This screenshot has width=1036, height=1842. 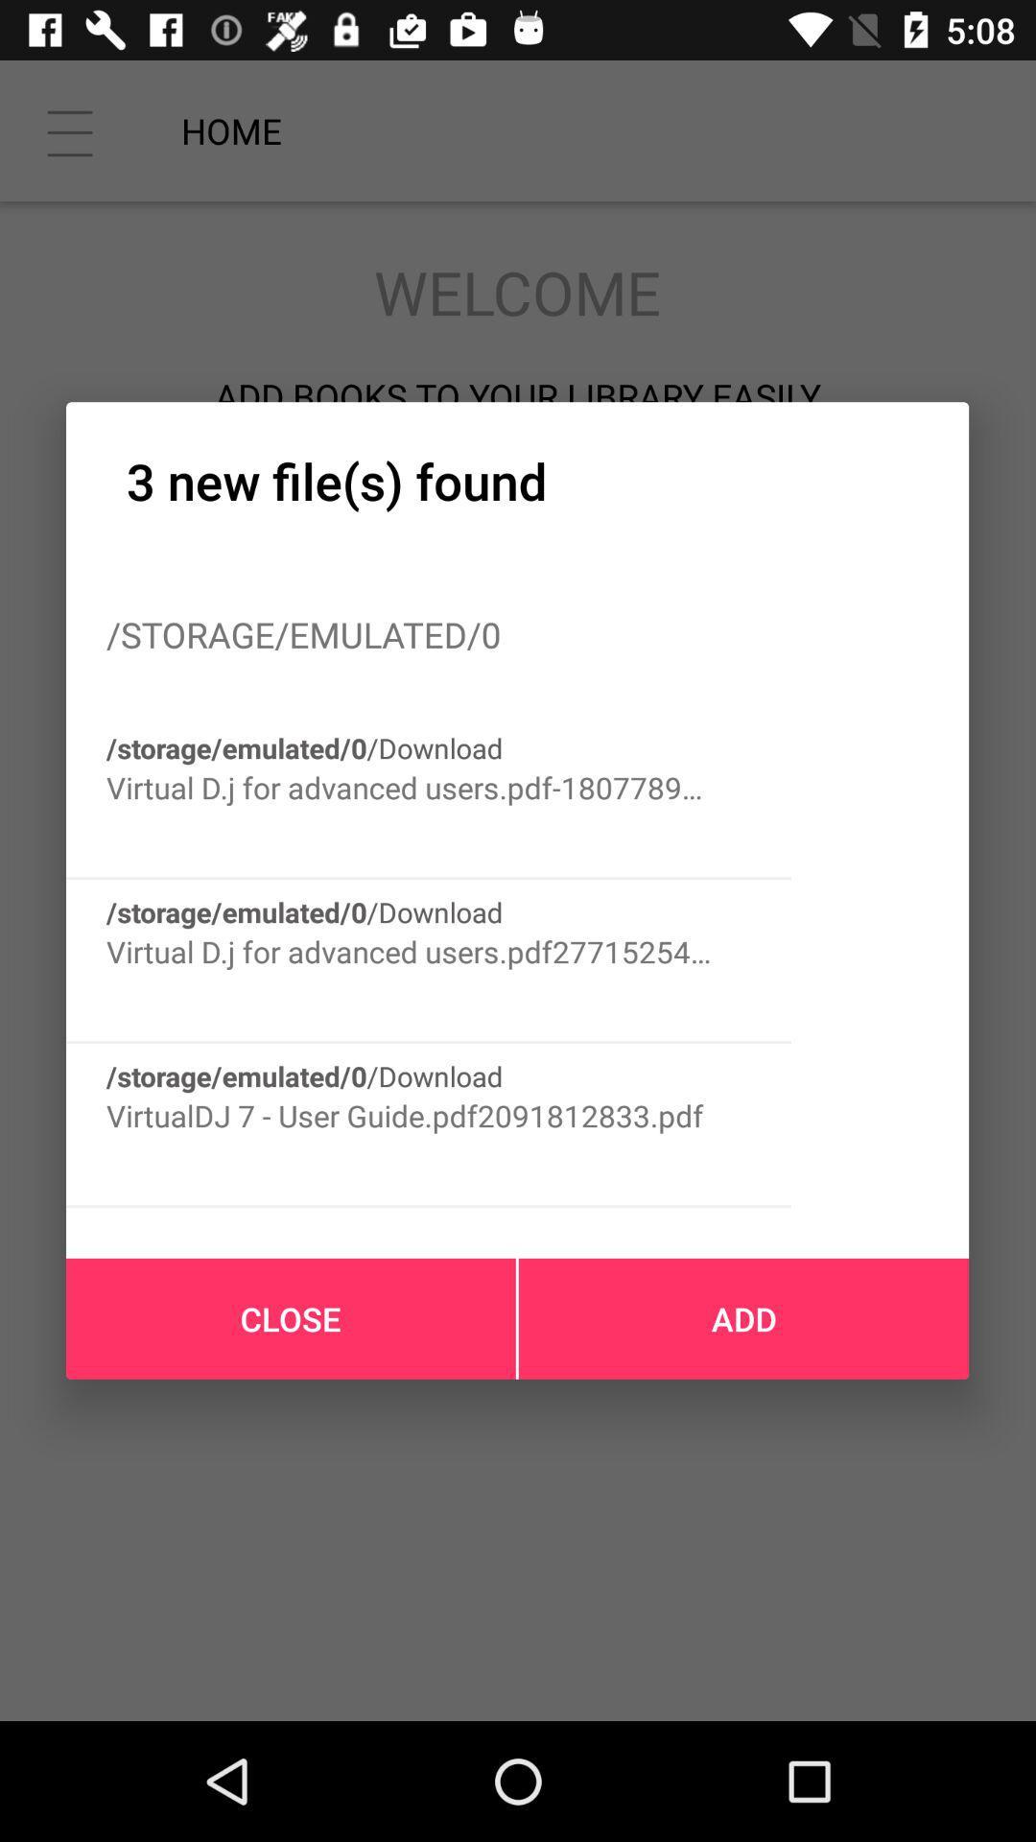 I want to click on the icon at the bottom left corner, so click(x=291, y=1317).